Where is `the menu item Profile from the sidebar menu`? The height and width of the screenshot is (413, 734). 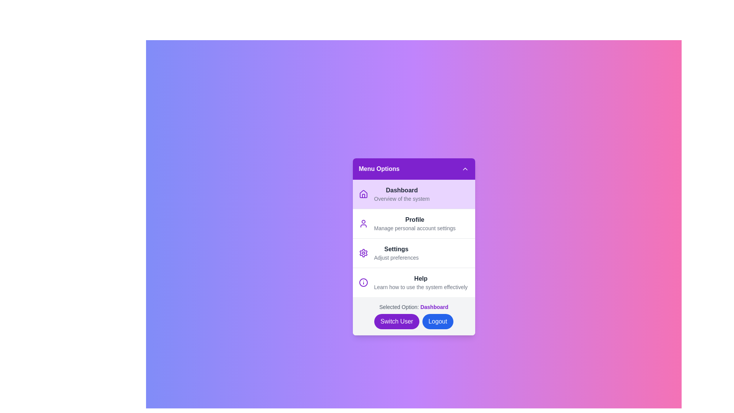
the menu item Profile from the sidebar menu is located at coordinates (413, 223).